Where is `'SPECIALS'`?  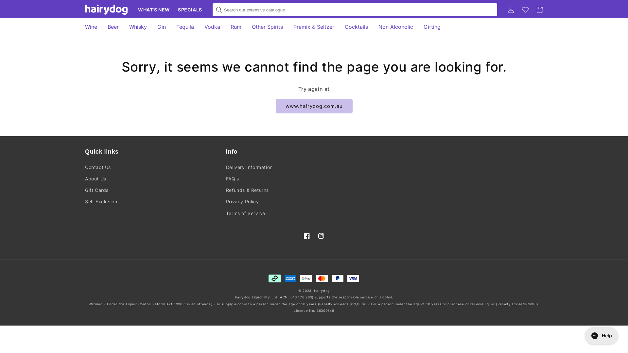
'SPECIALS' is located at coordinates (174, 10).